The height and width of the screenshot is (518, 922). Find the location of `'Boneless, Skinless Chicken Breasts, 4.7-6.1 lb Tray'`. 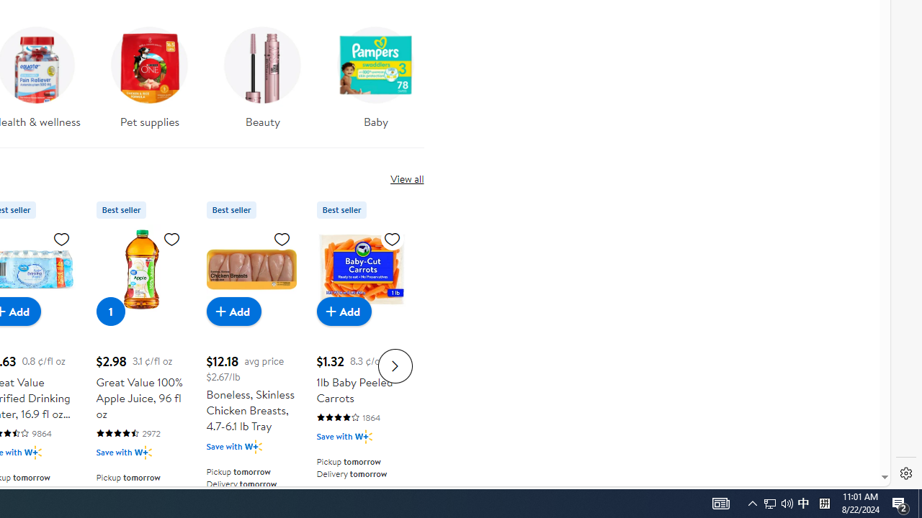

'Boneless, Skinless Chicken Breasts, 4.7-6.1 lb Tray' is located at coordinates (251, 269).